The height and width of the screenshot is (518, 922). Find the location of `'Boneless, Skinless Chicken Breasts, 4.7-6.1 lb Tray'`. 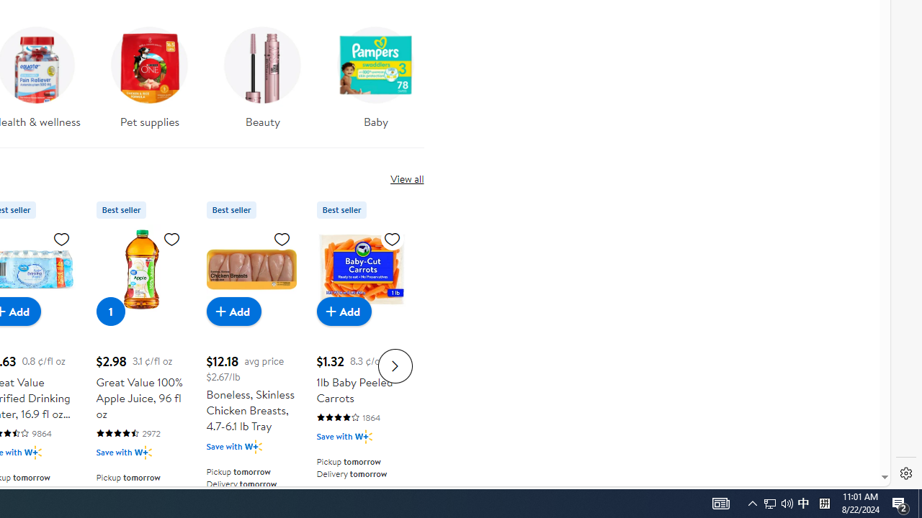

'Boneless, Skinless Chicken Breasts, 4.7-6.1 lb Tray' is located at coordinates (251, 269).